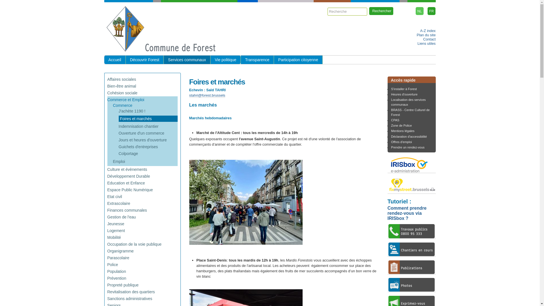 This screenshot has width=544, height=306. What do you see at coordinates (187, 60) in the screenshot?
I see `'Services communaux'` at bounding box center [187, 60].